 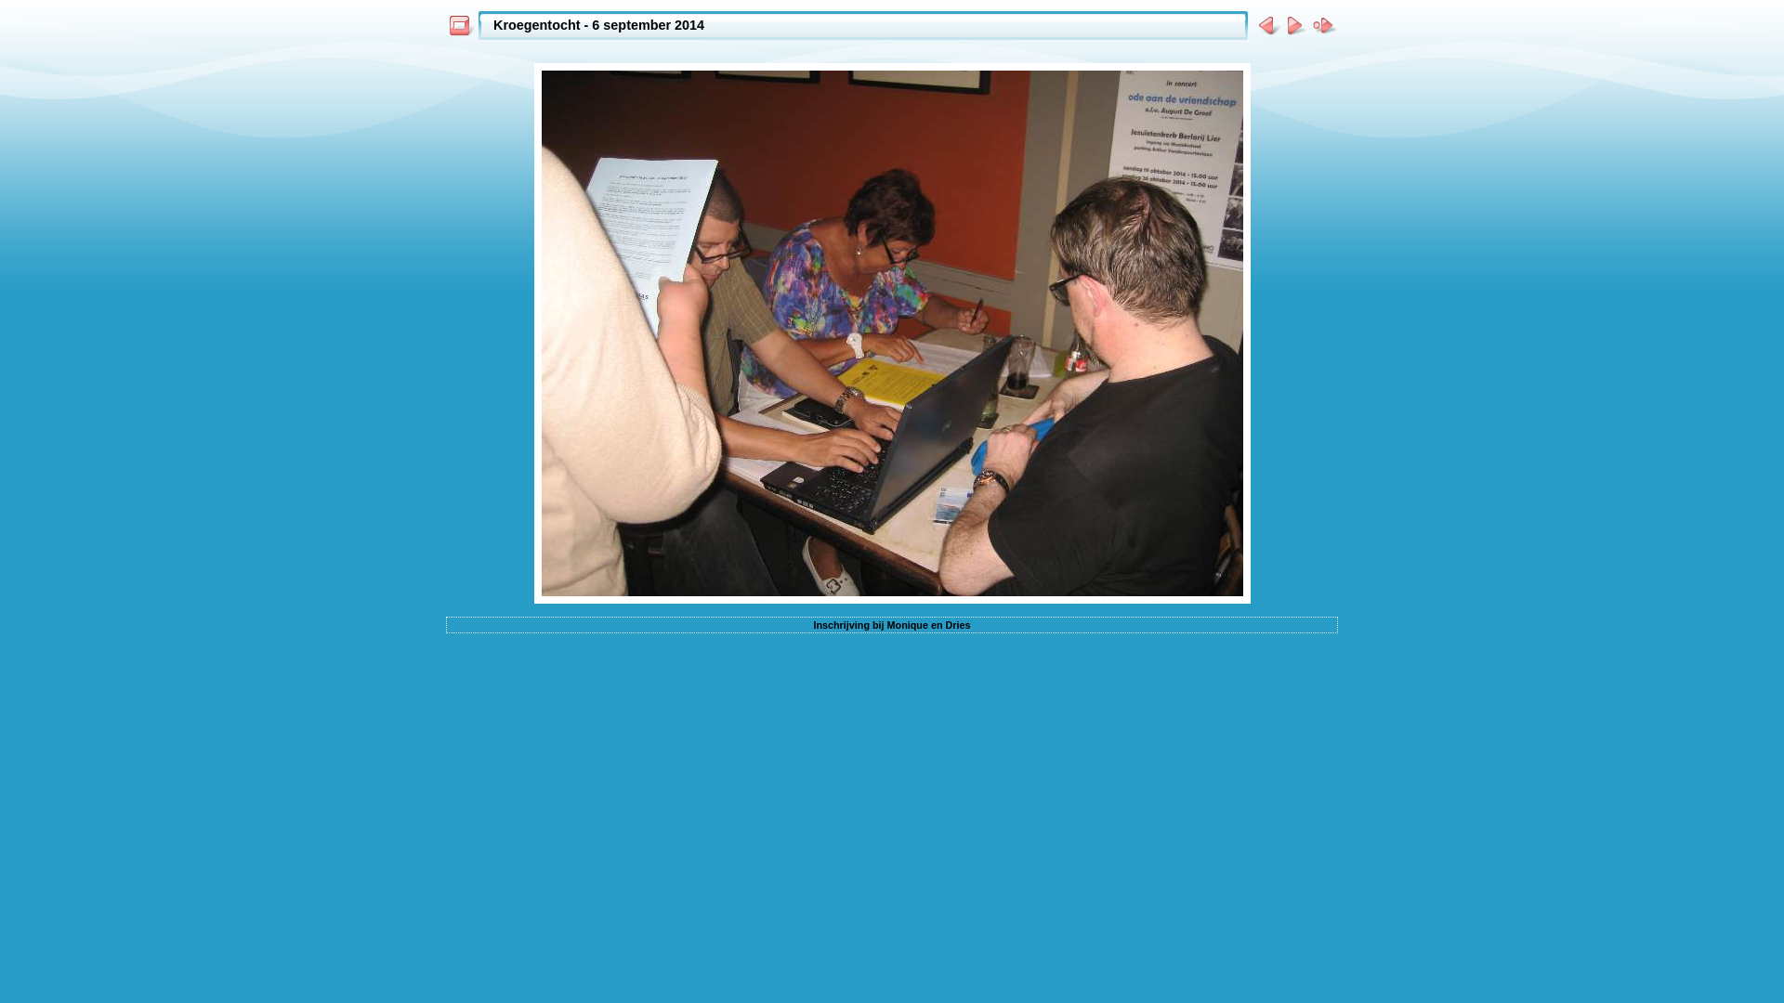 I want to click on ' Vorige foto ', so click(x=1265, y=25).